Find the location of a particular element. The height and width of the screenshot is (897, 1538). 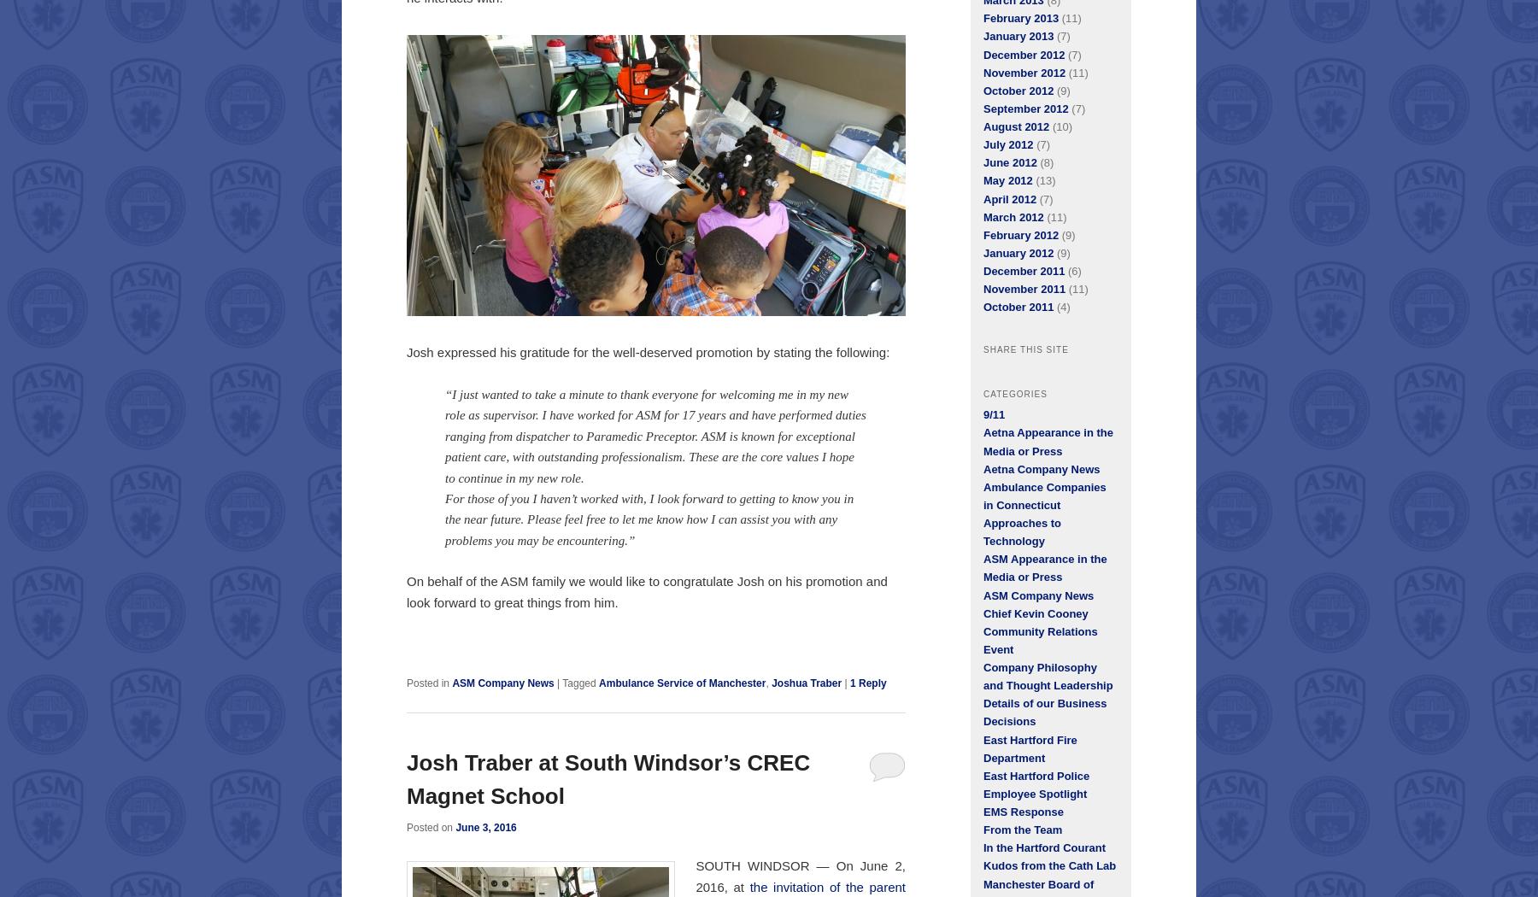

'(10)' is located at coordinates (1048, 126).